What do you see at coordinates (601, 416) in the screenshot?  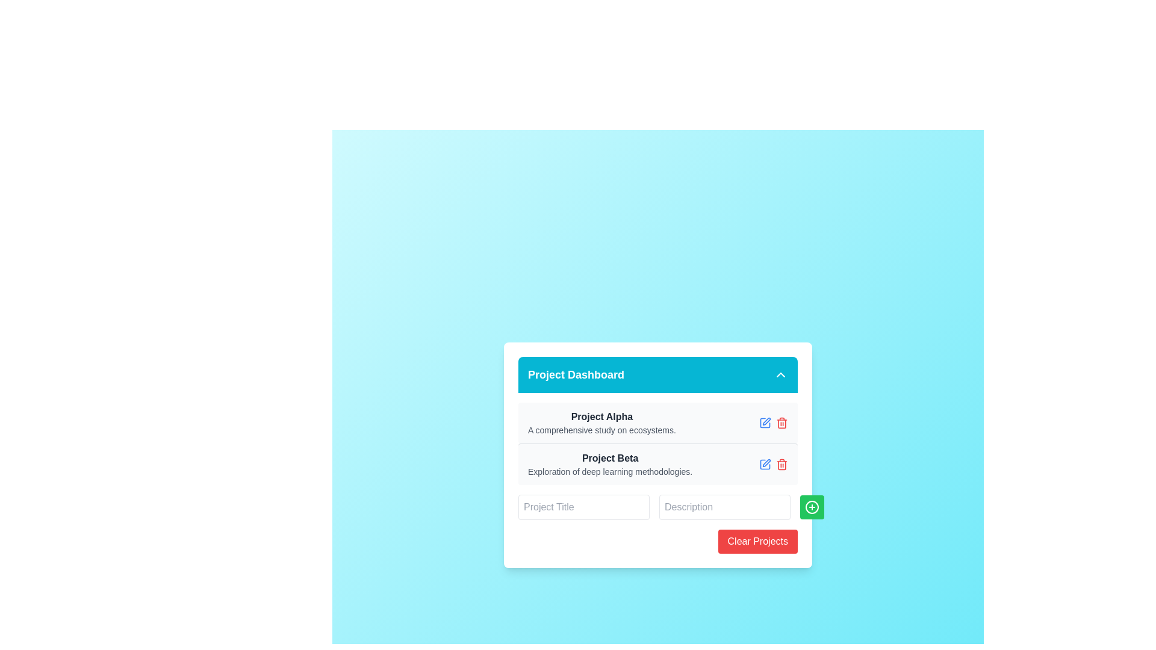 I see `text label 'Project Alpha' located at the top of the first project card under the 'Project Dashboard' header as a title` at bounding box center [601, 416].